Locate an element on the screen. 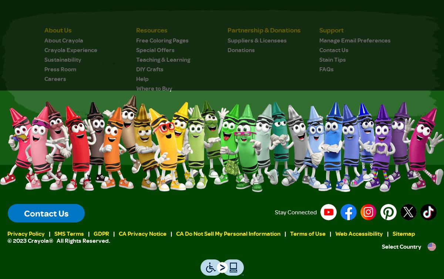  'Manage Email Preferences' is located at coordinates (354, 40).